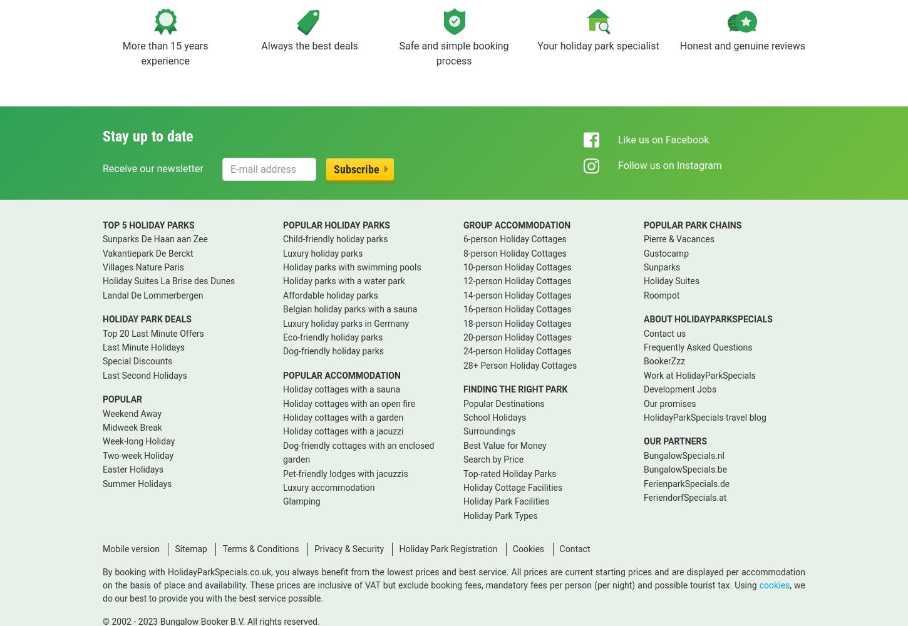  What do you see at coordinates (488, 431) in the screenshot?
I see `'Surroundings'` at bounding box center [488, 431].